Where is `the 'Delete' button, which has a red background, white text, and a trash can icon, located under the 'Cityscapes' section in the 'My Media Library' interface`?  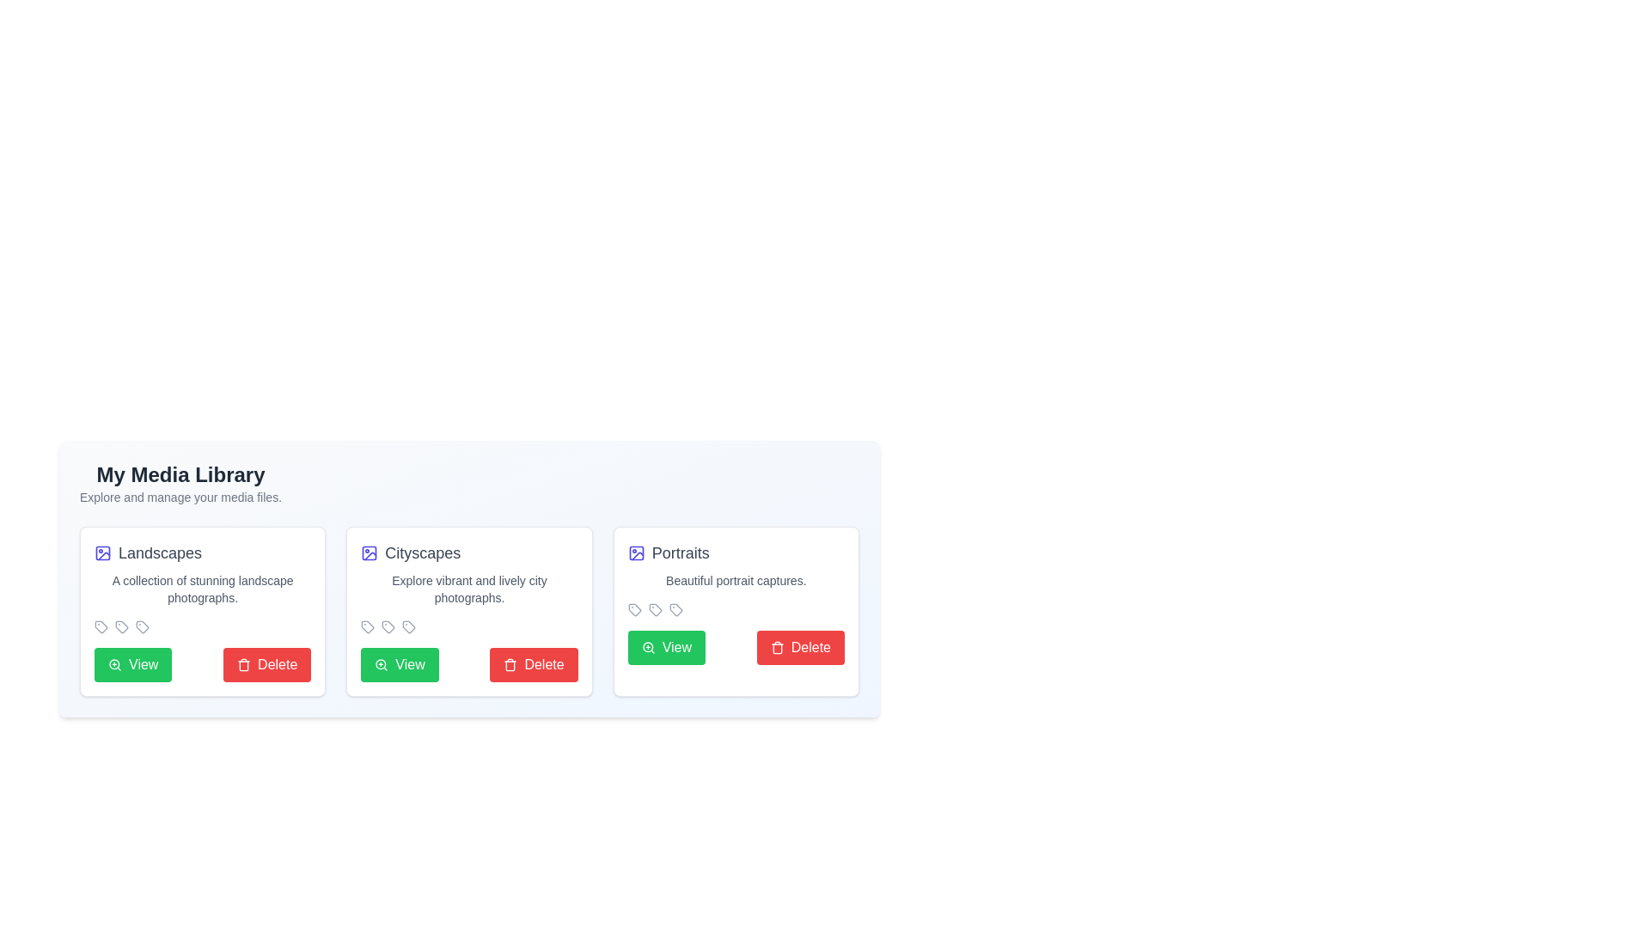
the 'Delete' button, which has a red background, white text, and a trash can icon, located under the 'Cityscapes' section in the 'My Media Library' interface is located at coordinates (533, 664).